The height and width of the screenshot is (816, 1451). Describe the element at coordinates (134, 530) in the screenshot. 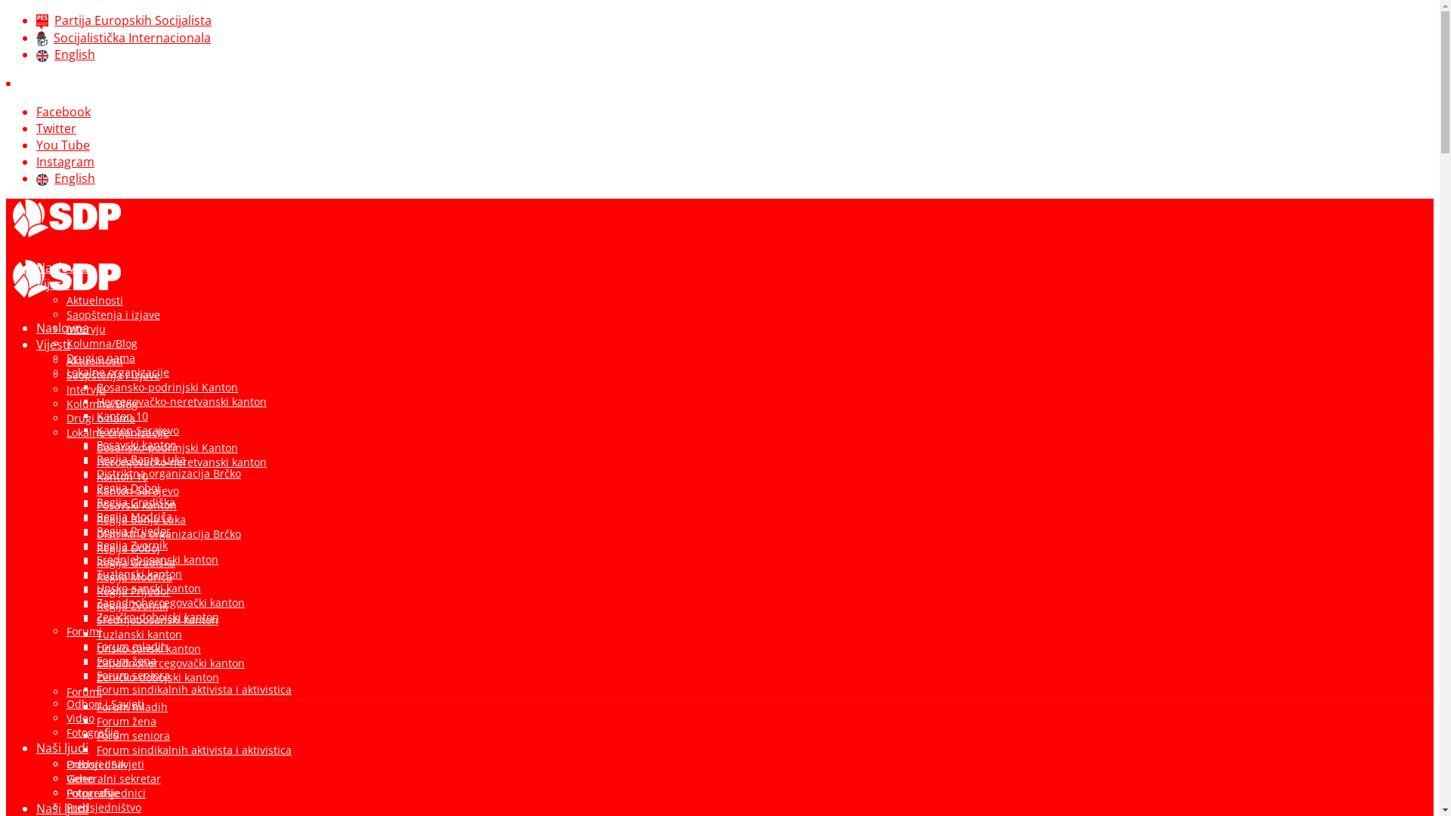

I see `'Regija Prijedor'` at that location.